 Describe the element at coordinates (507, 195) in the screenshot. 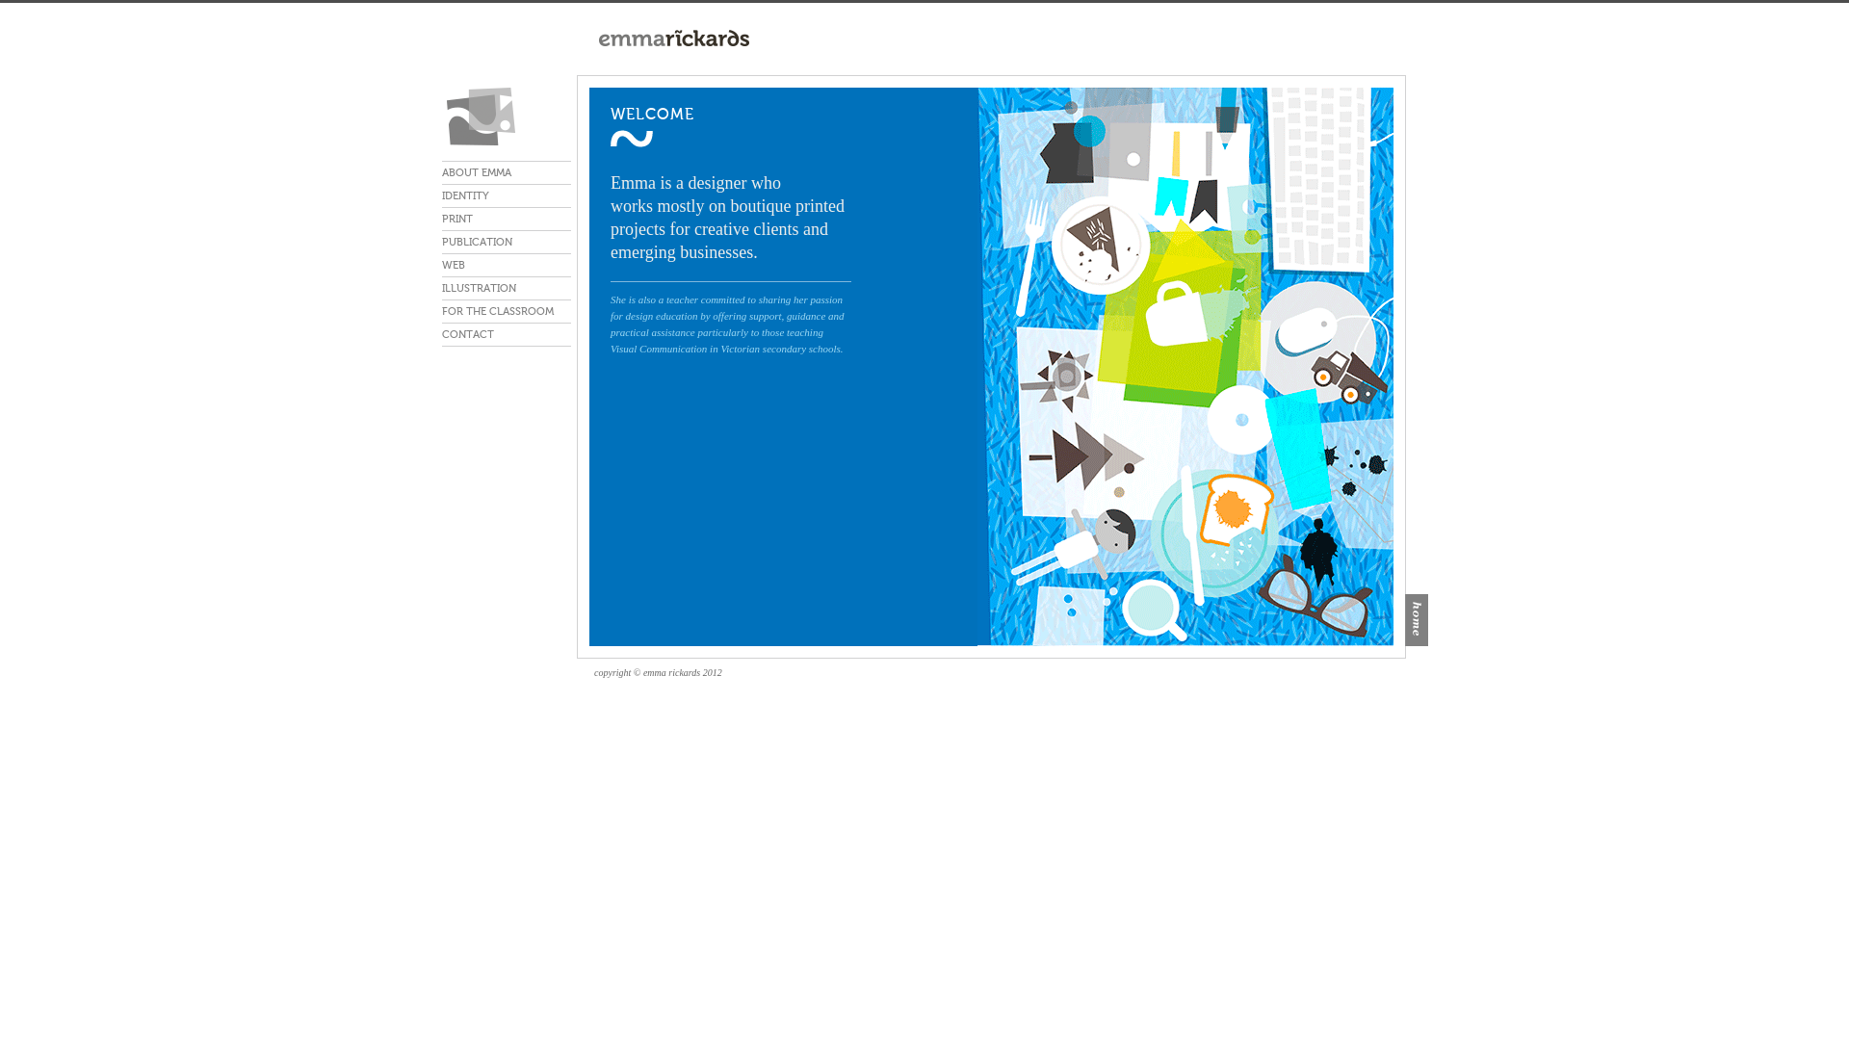

I see `'IDENTITY'` at that location.